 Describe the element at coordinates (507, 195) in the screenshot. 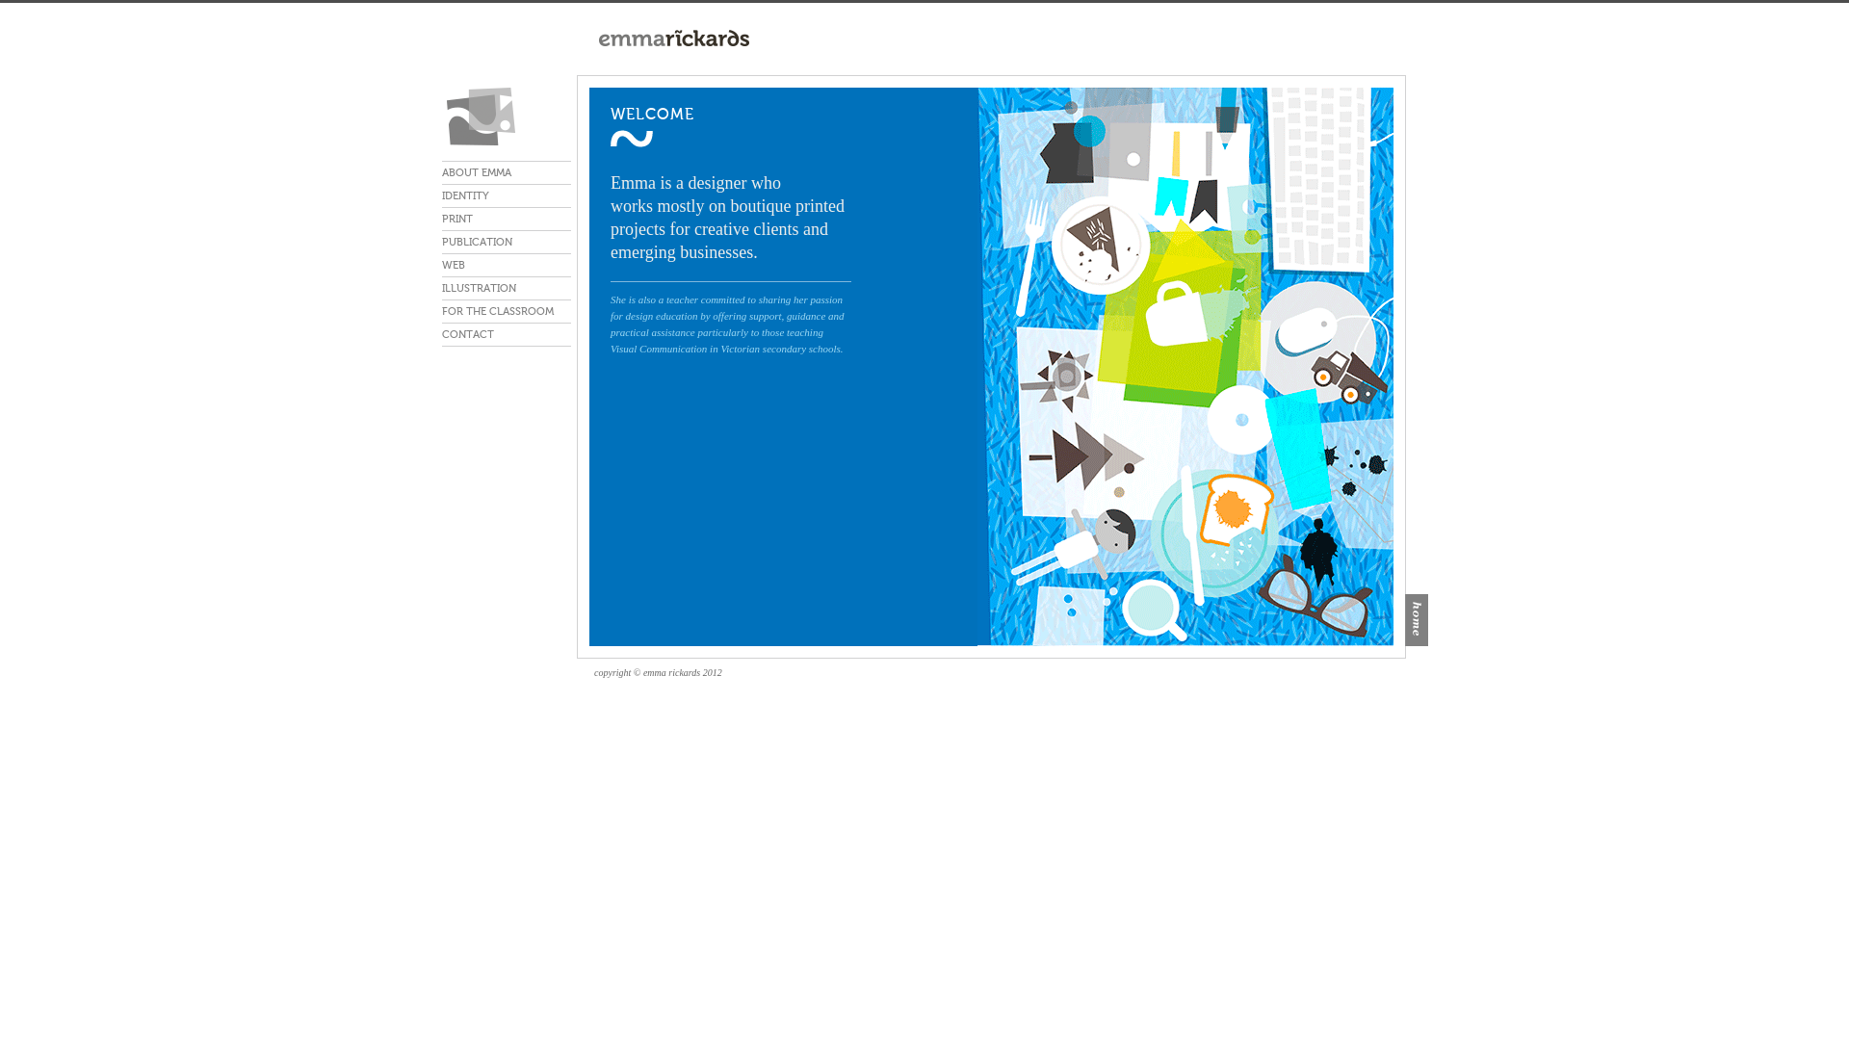

I see `'IDENTITY'` at that location.